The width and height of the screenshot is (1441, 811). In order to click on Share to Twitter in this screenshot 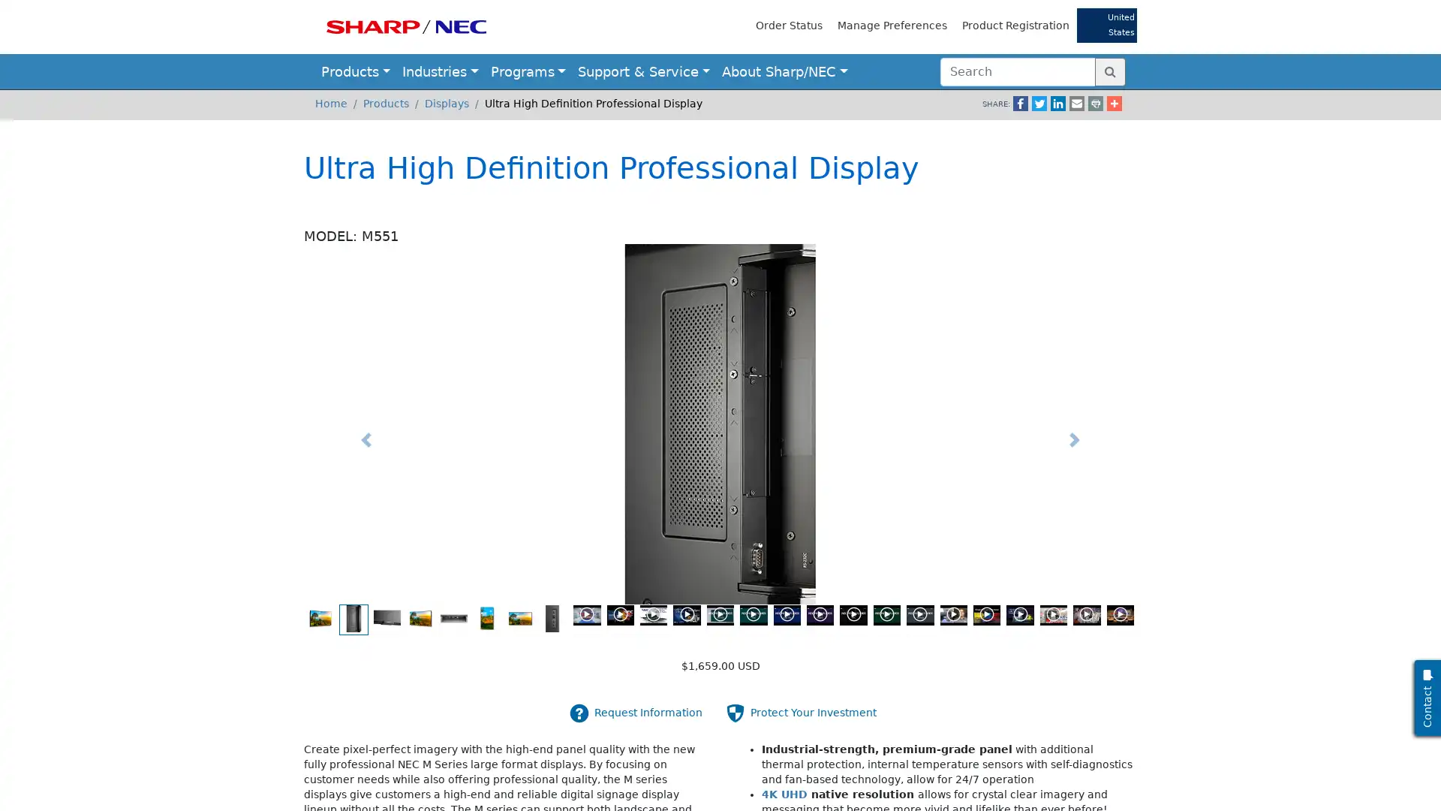, I will do `click(1016, 103)`.